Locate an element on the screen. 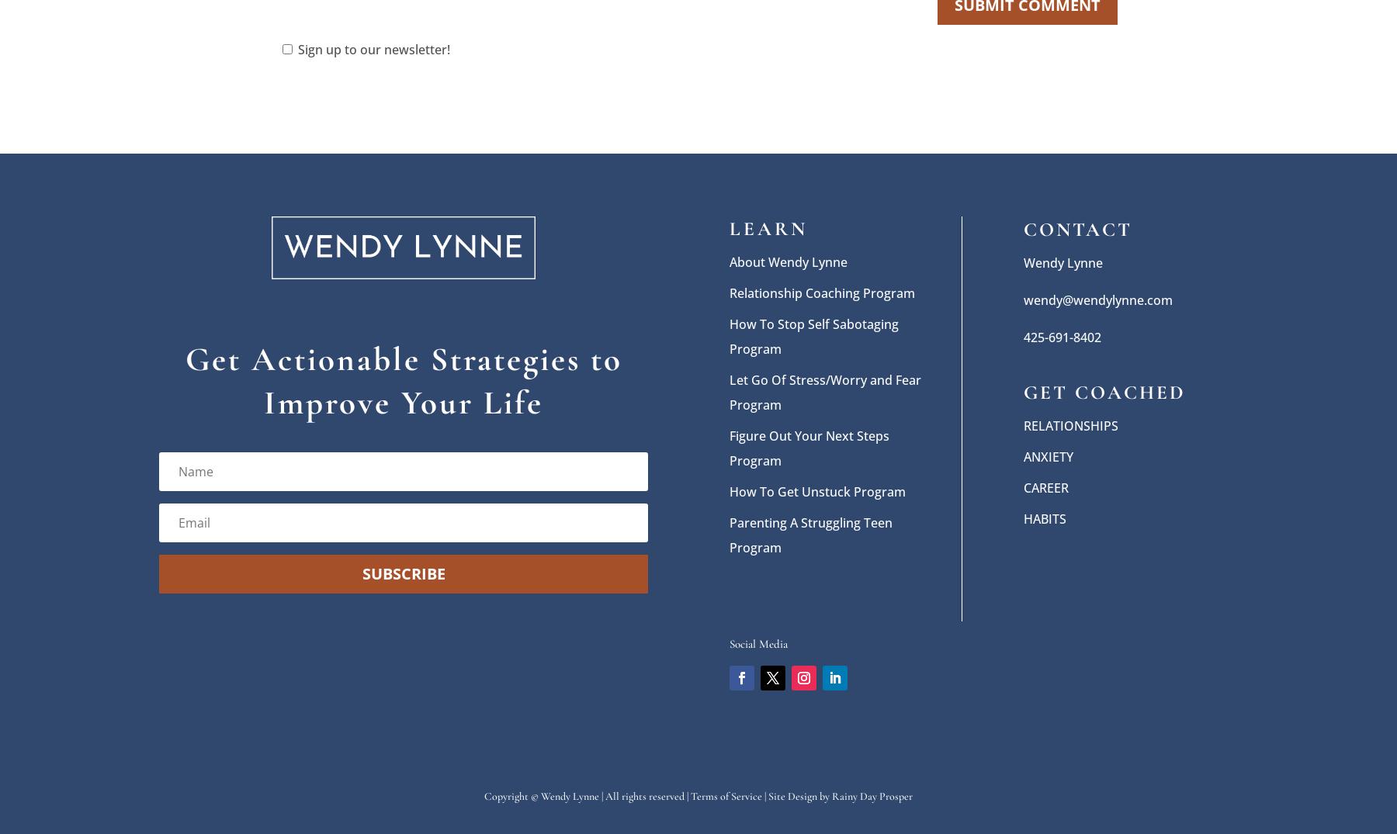 This screenshot has width=1397, height=834. '| Site Design by' is located at coordinates (797, 794).